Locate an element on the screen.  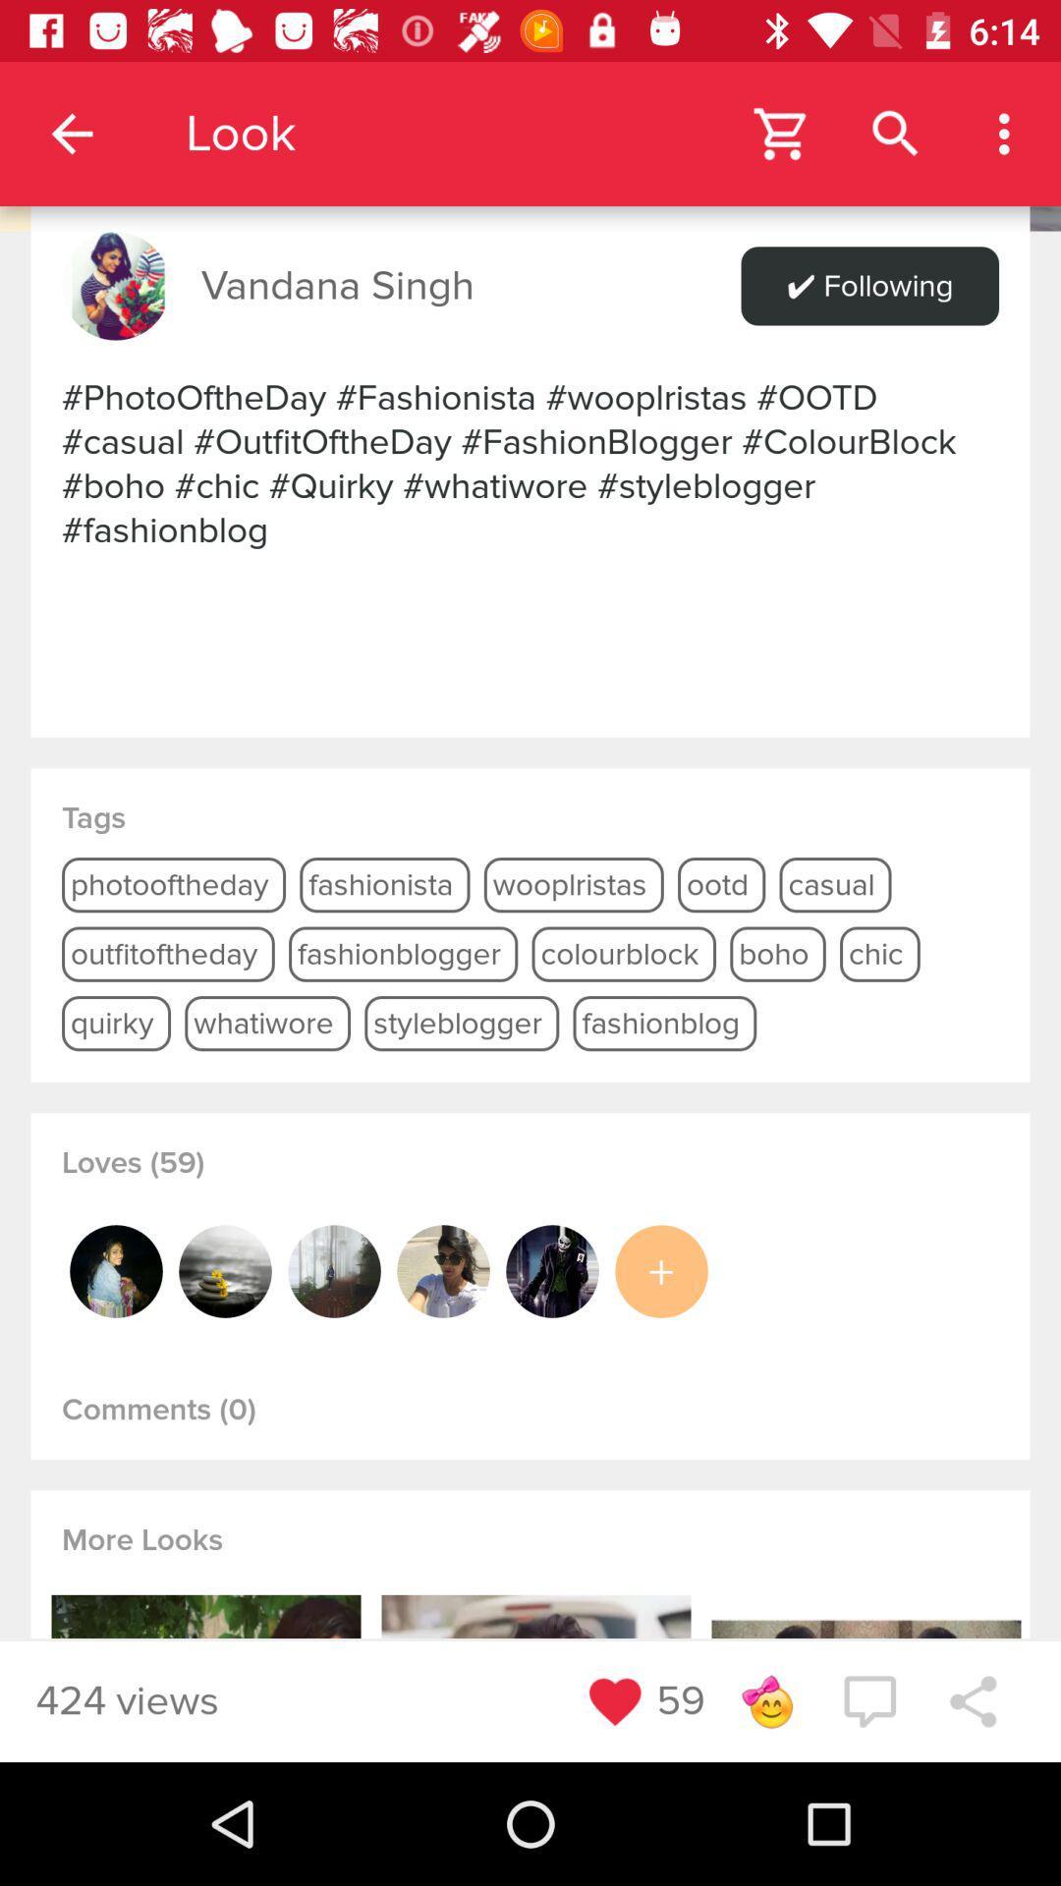
give heart emoji is located at coordinates (614, 1700).